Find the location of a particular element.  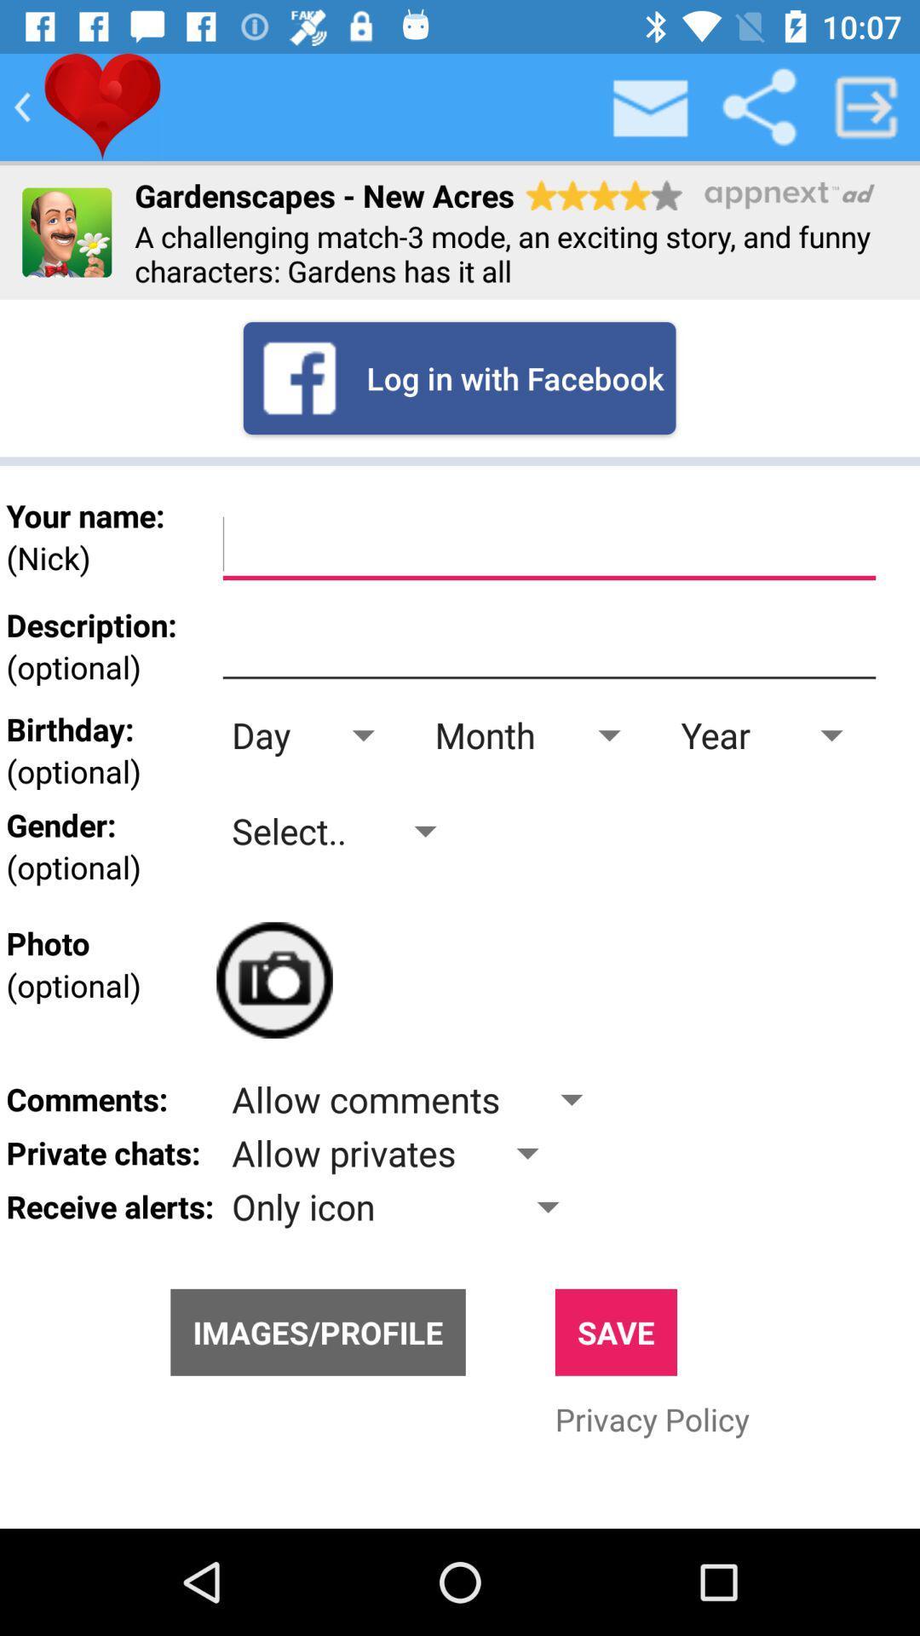

go back is located at coordinates (22, 106).